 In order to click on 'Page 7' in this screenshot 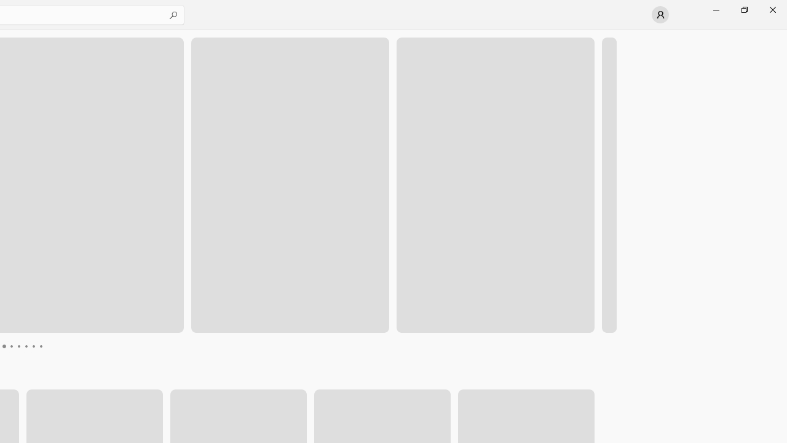, I will do `click(33, 346)`.